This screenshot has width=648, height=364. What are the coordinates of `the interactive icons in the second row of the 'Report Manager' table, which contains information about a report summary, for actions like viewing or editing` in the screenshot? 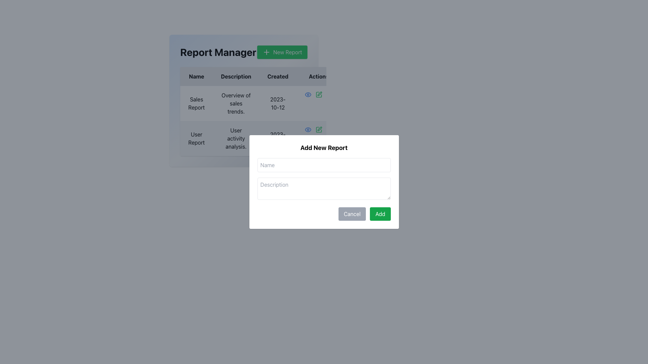 It's located at (260, 120).